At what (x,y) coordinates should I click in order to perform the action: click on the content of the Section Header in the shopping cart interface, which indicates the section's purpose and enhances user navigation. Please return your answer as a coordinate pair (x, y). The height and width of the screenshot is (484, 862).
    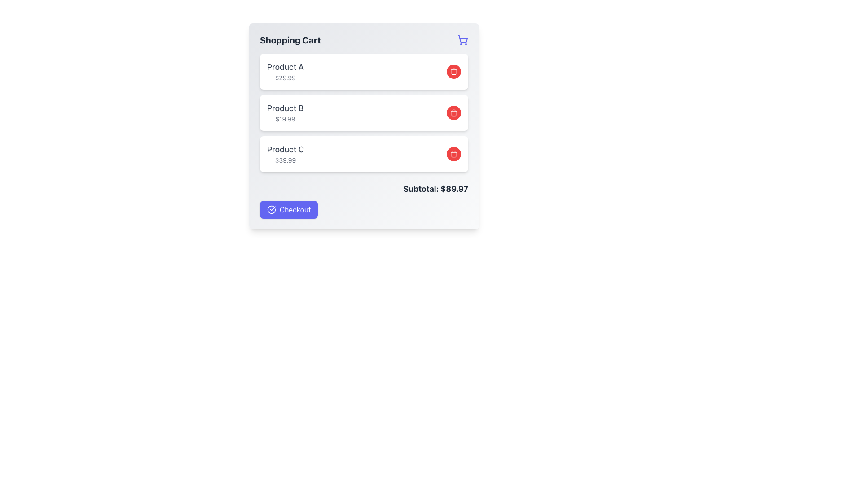
    Looking at the image, I should click on (364, 39).